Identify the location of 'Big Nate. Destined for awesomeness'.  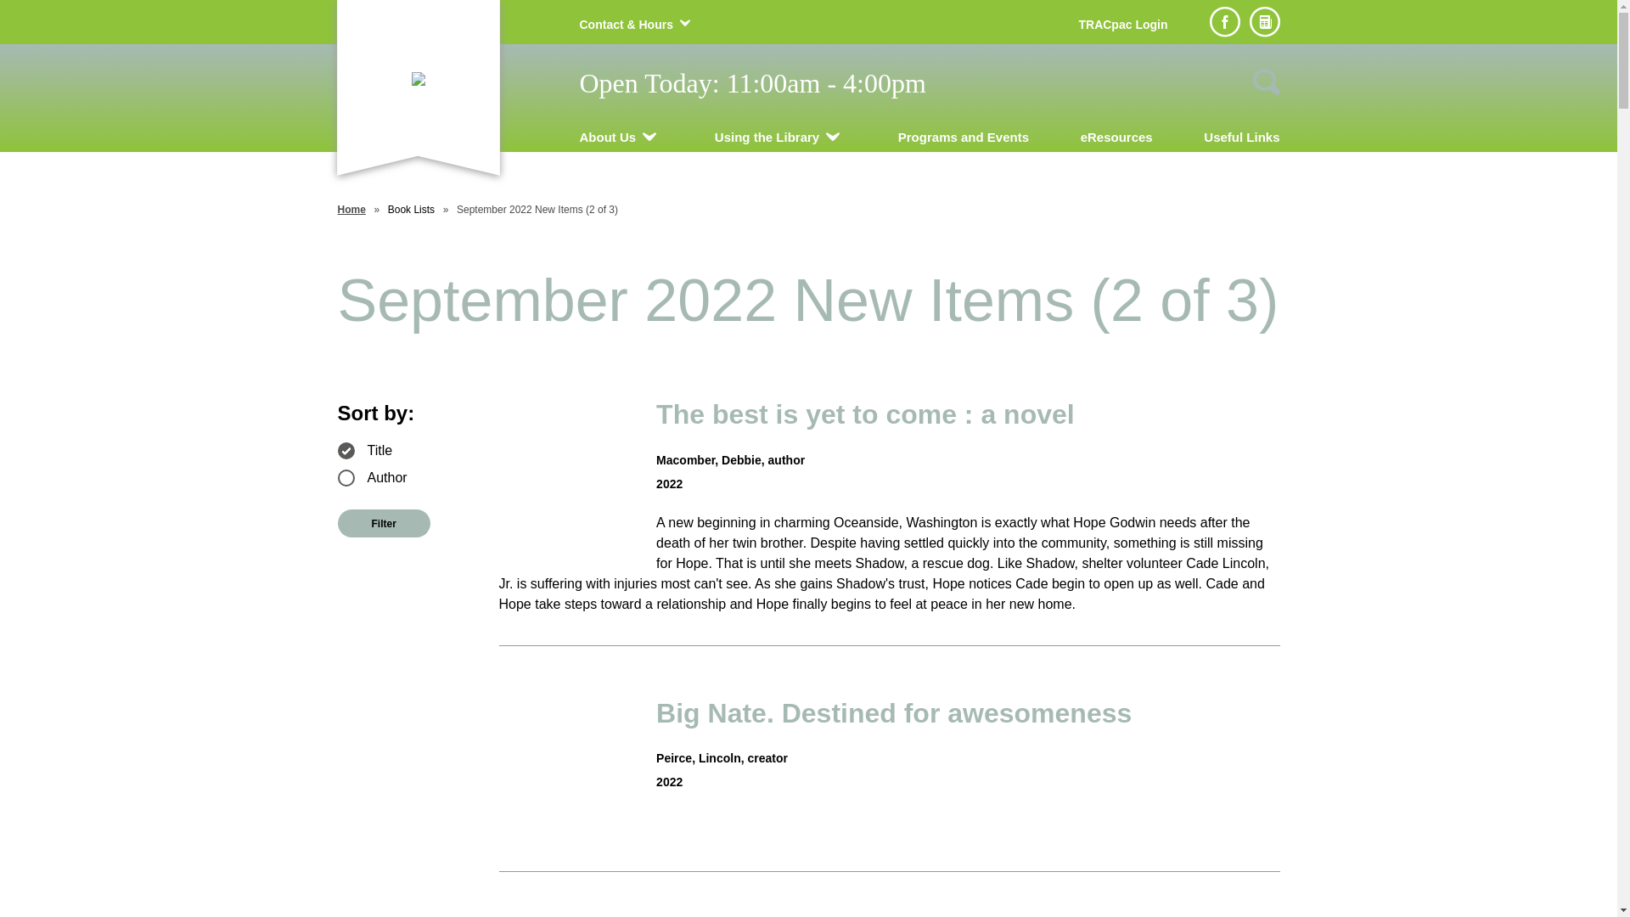
(888, 713).